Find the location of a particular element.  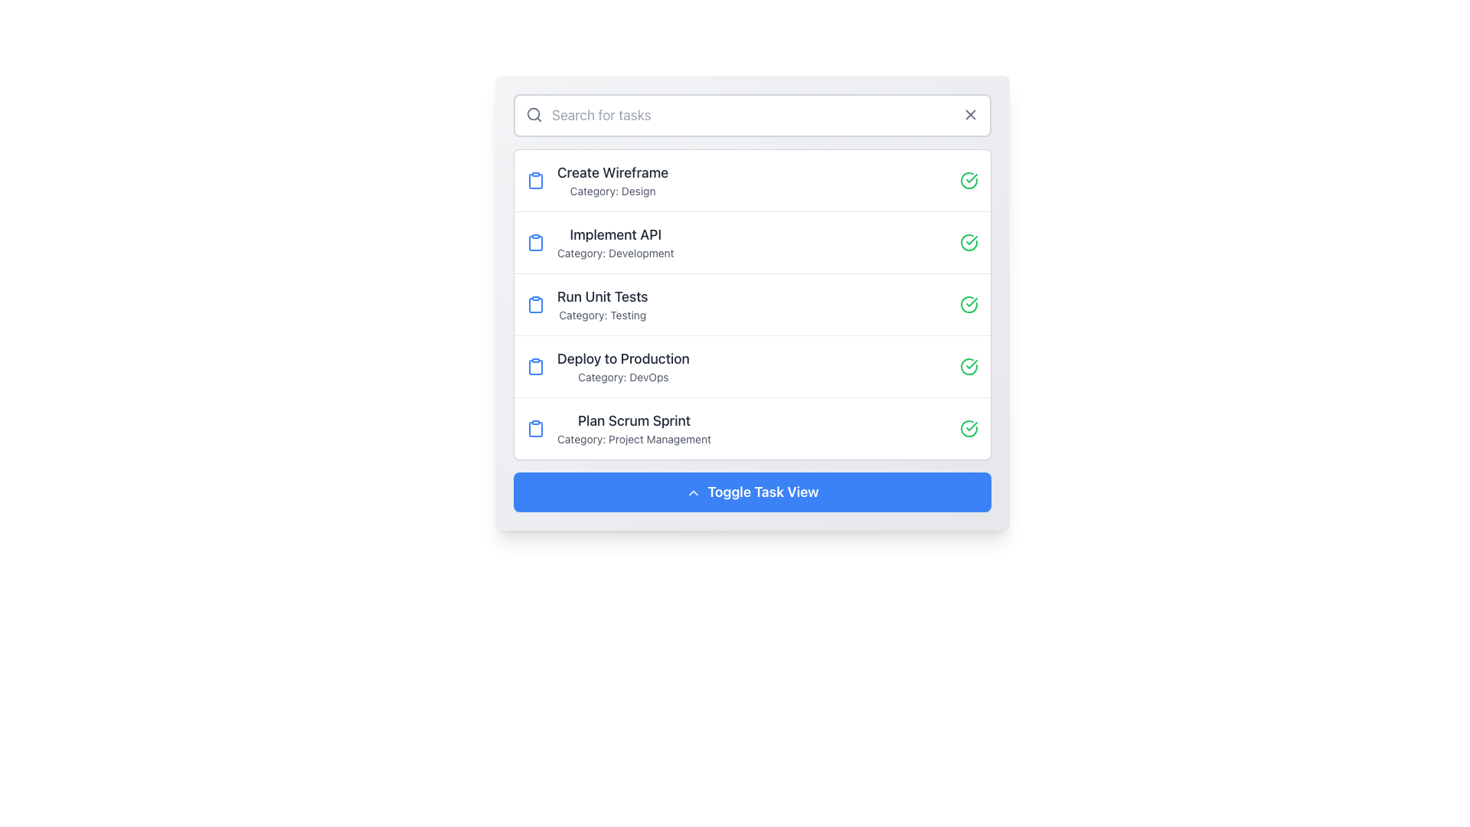

description of the Text Label that categorizes the task 'Run Unit Tests', positioned as a subtitle beneath the main item name in the third row of the task list is located at coordinates (602, 315).